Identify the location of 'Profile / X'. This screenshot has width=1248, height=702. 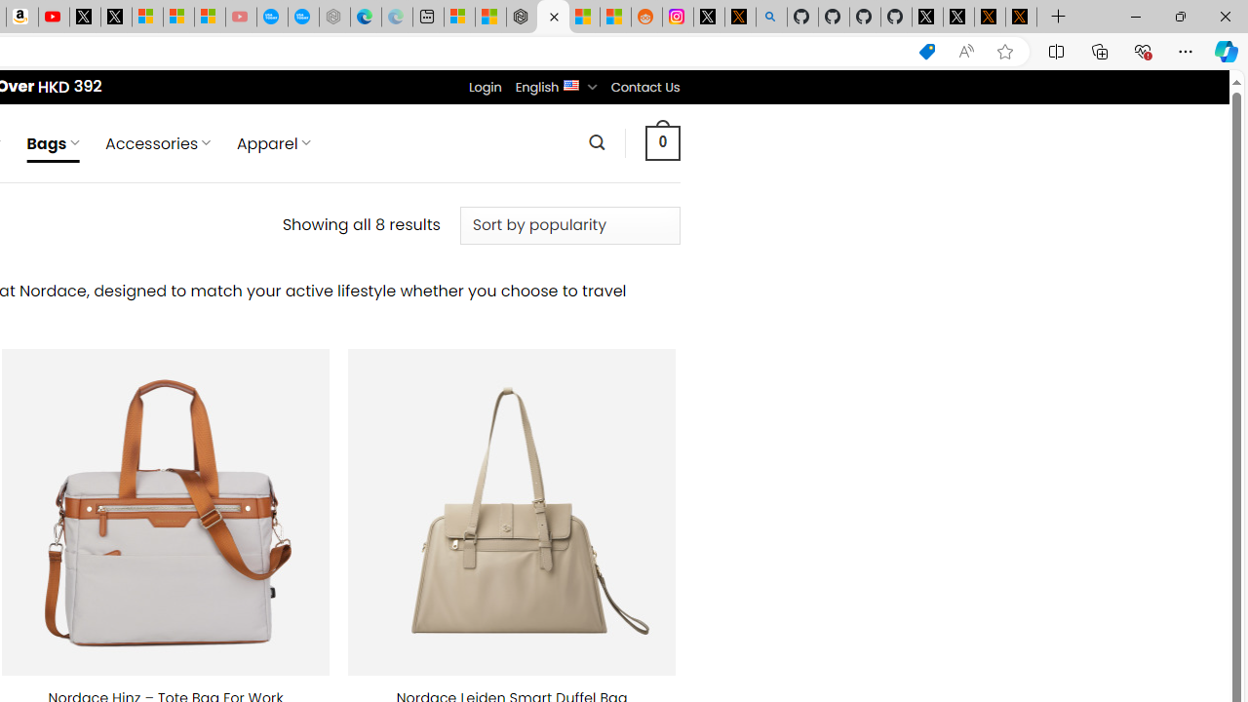
(926, 17).